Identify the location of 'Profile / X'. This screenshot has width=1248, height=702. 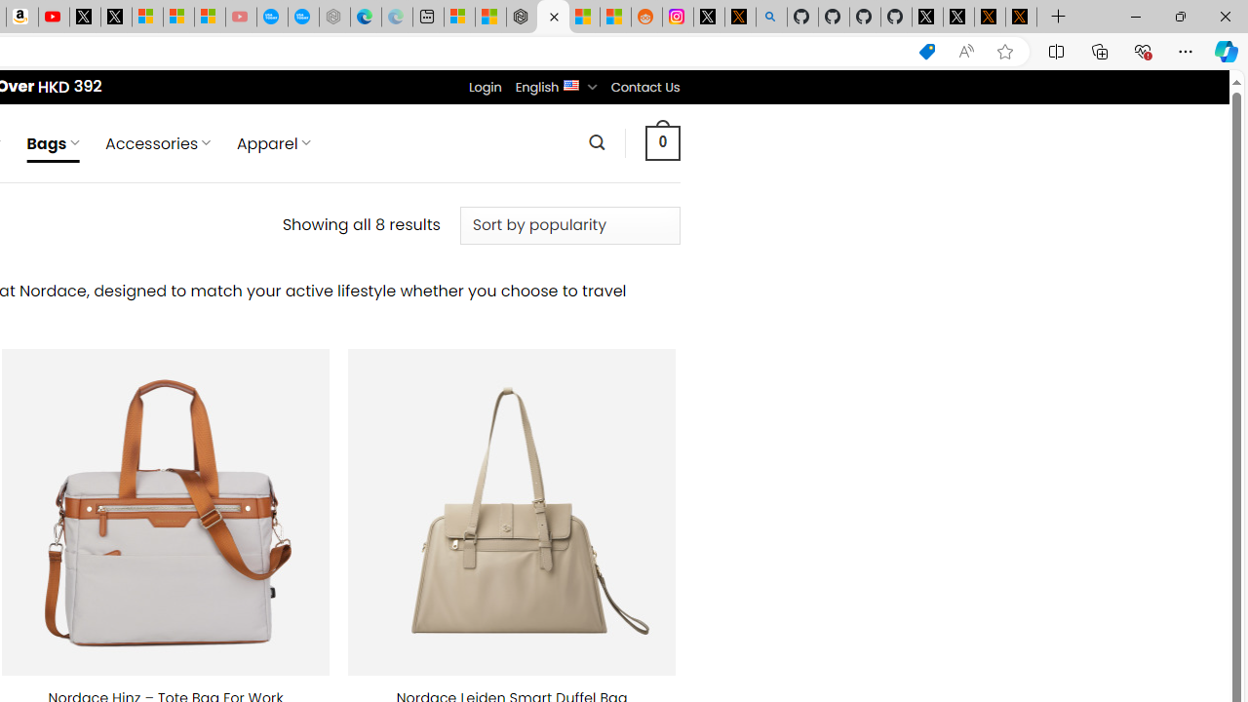
(926, 17).